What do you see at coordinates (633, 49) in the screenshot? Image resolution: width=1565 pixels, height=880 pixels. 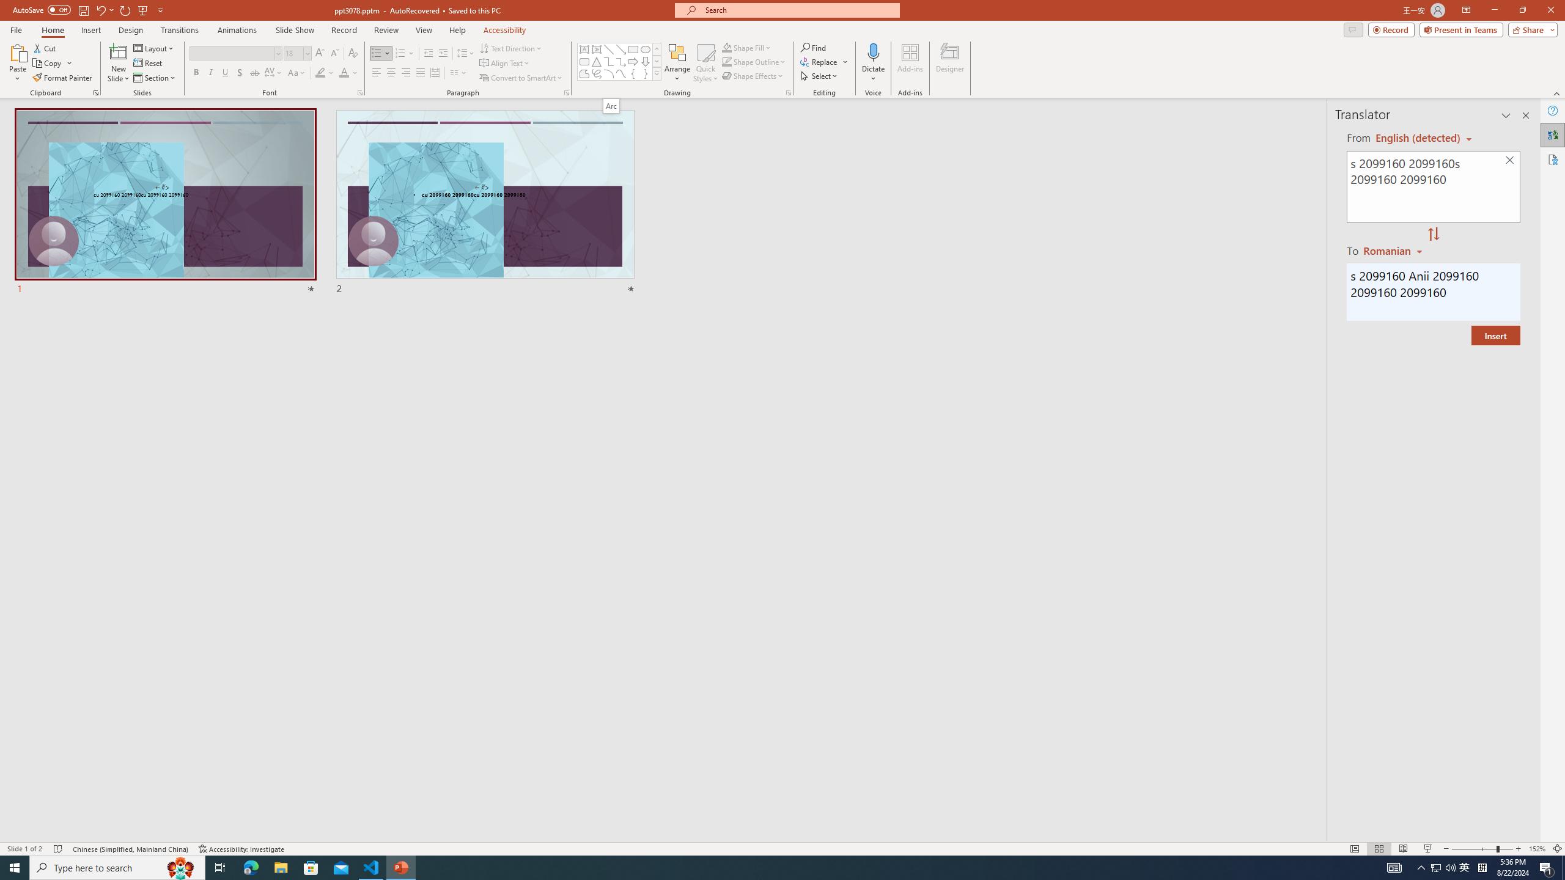 I see `'Rectangle'` at bounding box center [633, 49].